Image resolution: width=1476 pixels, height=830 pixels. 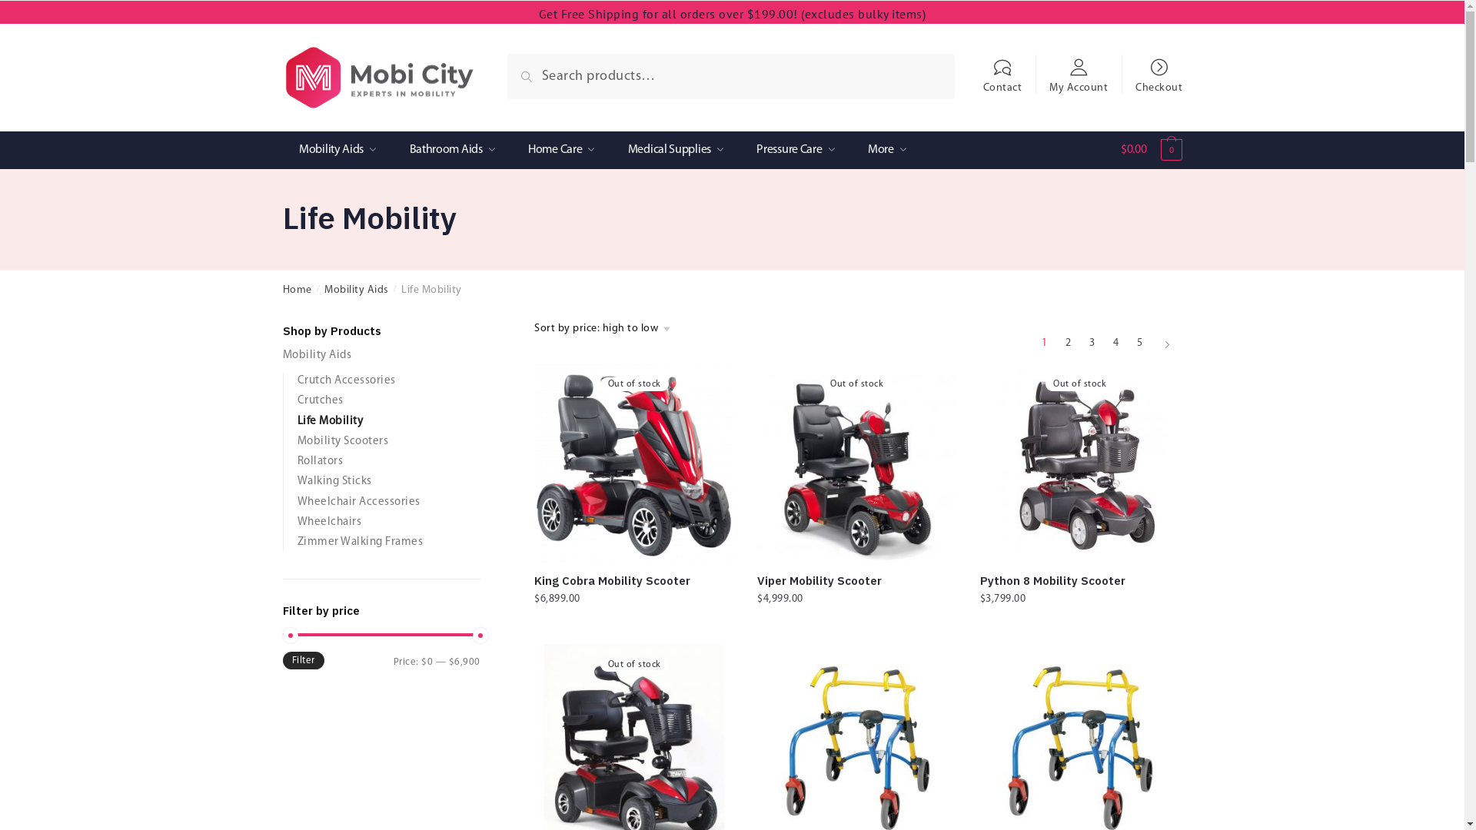 I want to click on 'Contact', so click(x=1002, y=68).